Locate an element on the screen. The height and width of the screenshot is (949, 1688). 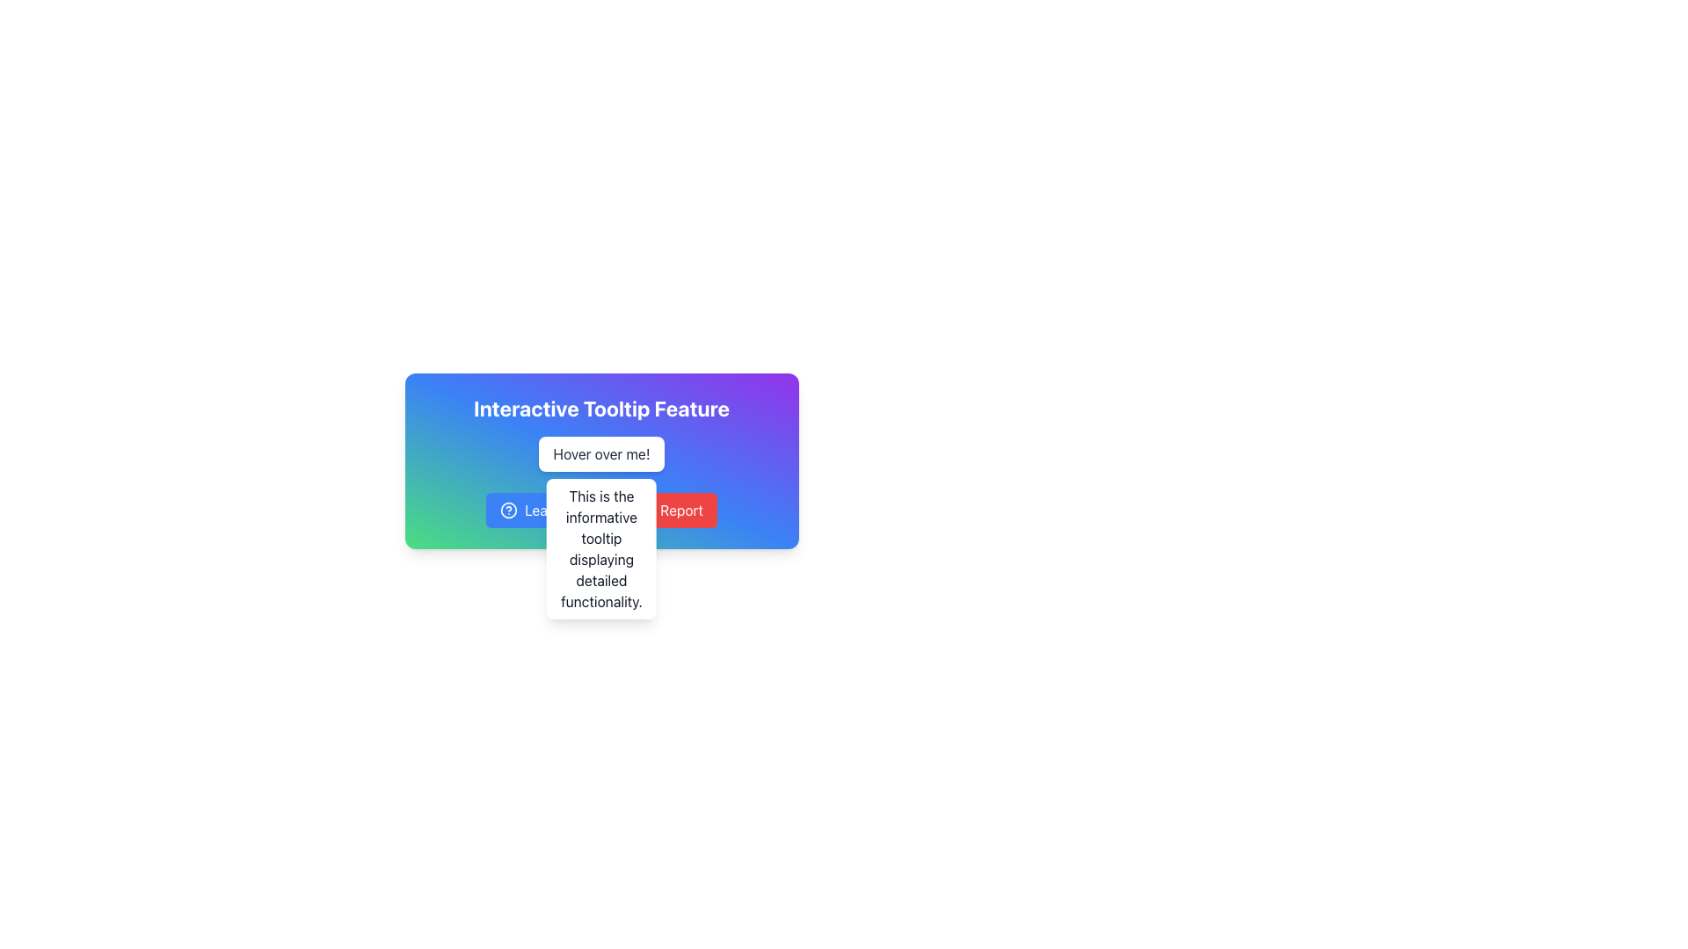
the Informational Tooltip that displays the message 'This is the informative tooltip displaying detailed functionality.' is located at coordinates (601, 547).